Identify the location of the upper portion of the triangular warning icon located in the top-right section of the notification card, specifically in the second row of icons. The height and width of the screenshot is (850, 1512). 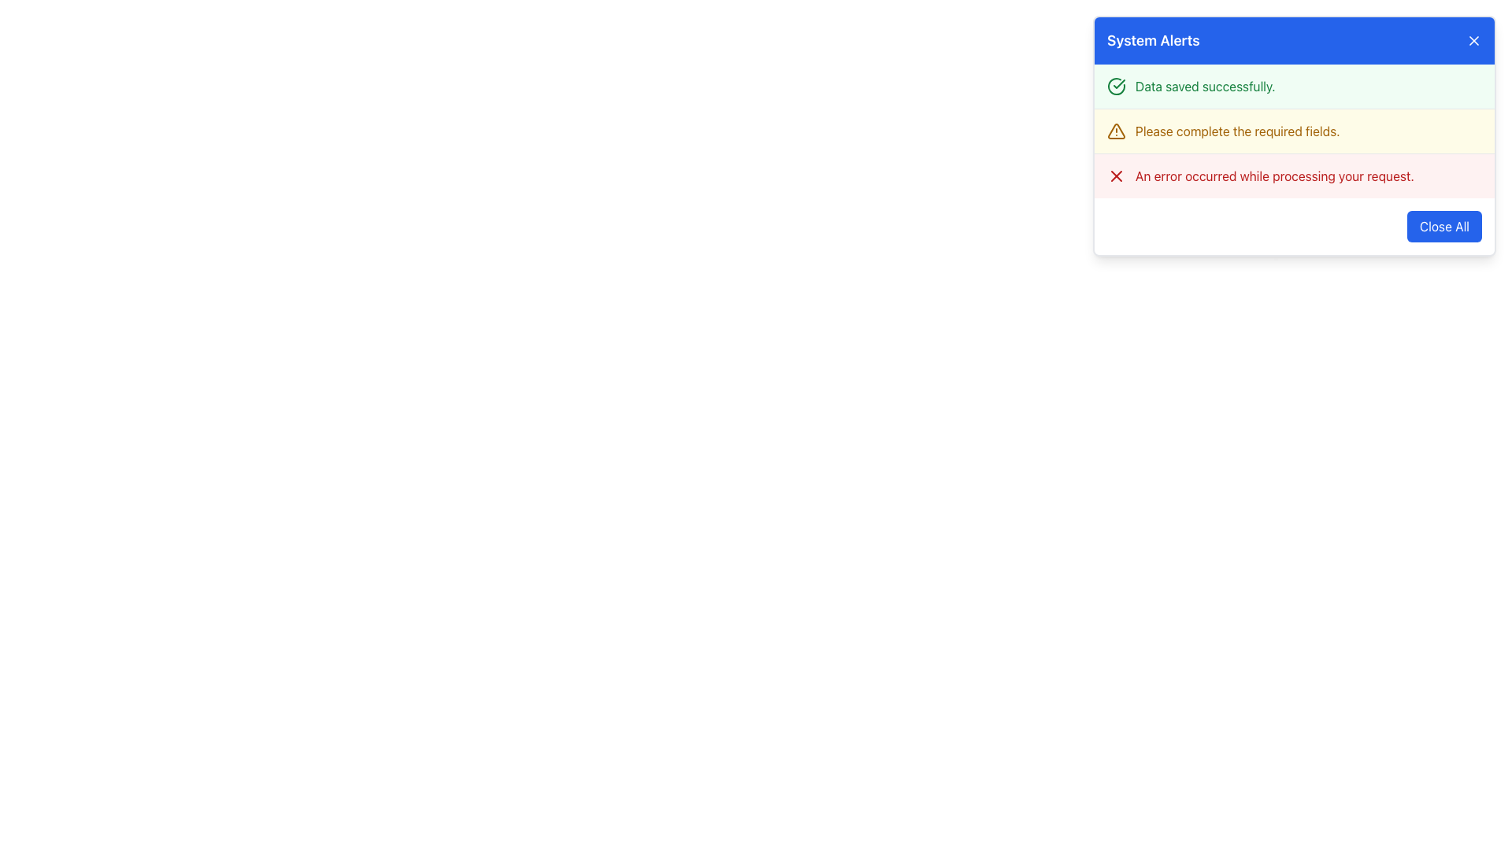
(1115, 130).